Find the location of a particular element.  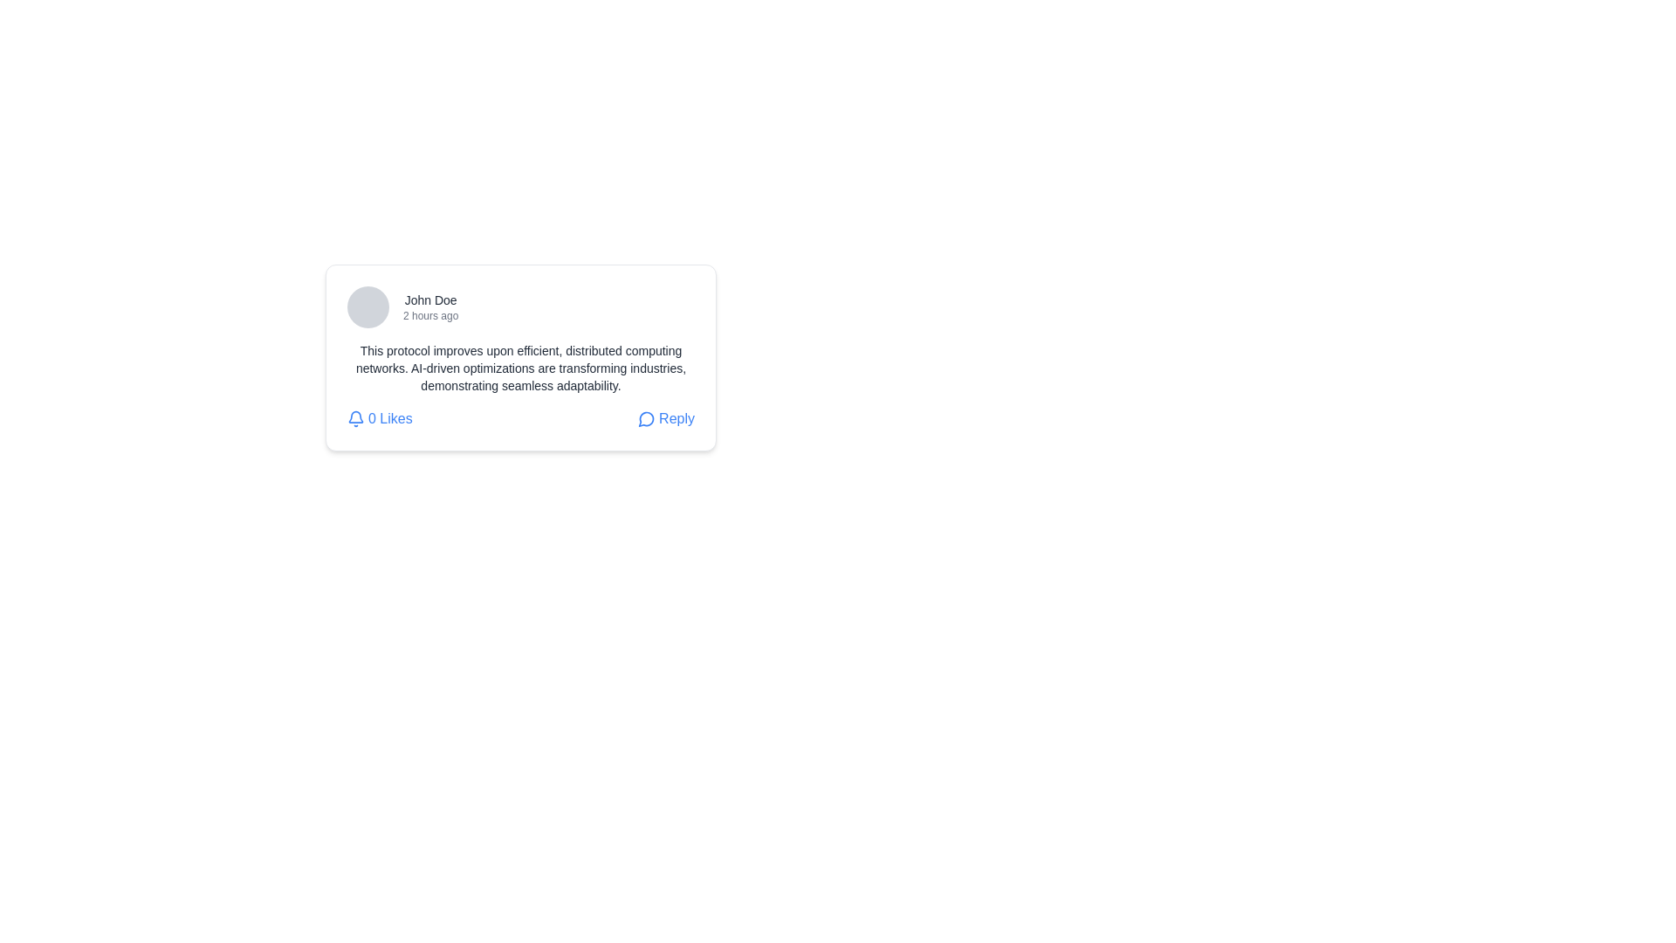

the user-generated display card positioned at the upper section of the interface, which includes textual content, an avatar, and interactive buttons is located at coordinates (519, 356).